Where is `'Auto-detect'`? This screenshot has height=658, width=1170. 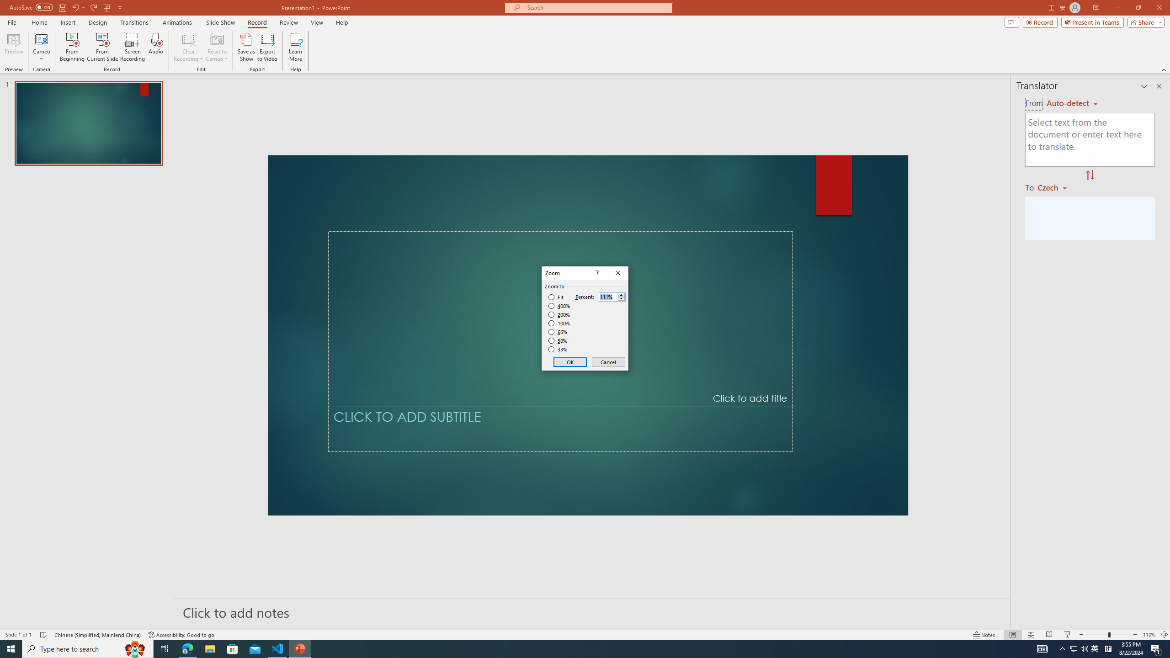 'Auto-detect' is located at coordinates (1072, 103).